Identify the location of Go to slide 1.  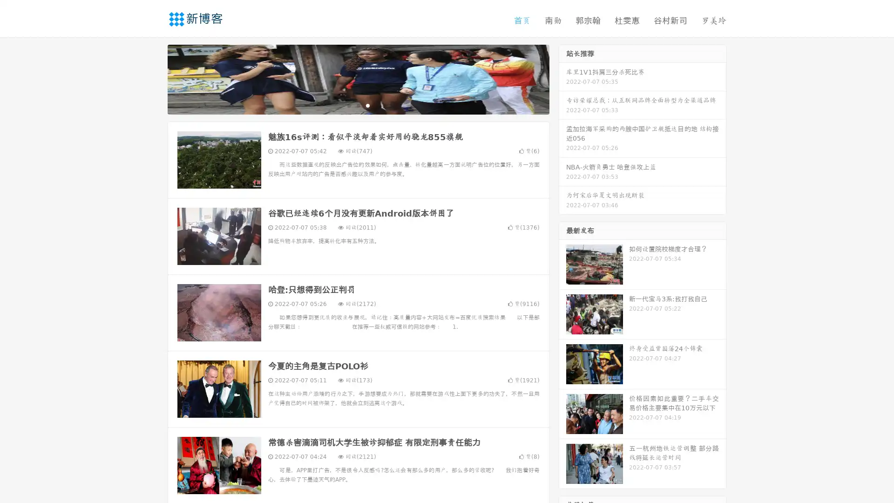
(348, 105).